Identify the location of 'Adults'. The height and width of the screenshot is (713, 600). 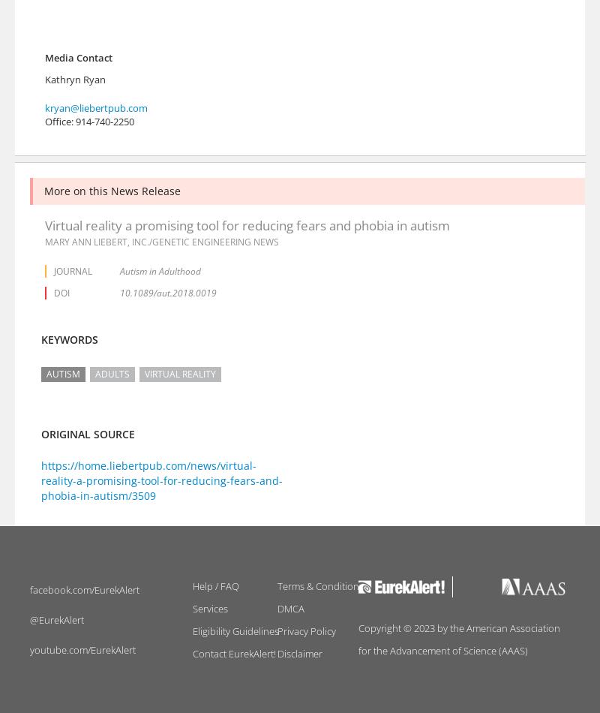
(112, 373).